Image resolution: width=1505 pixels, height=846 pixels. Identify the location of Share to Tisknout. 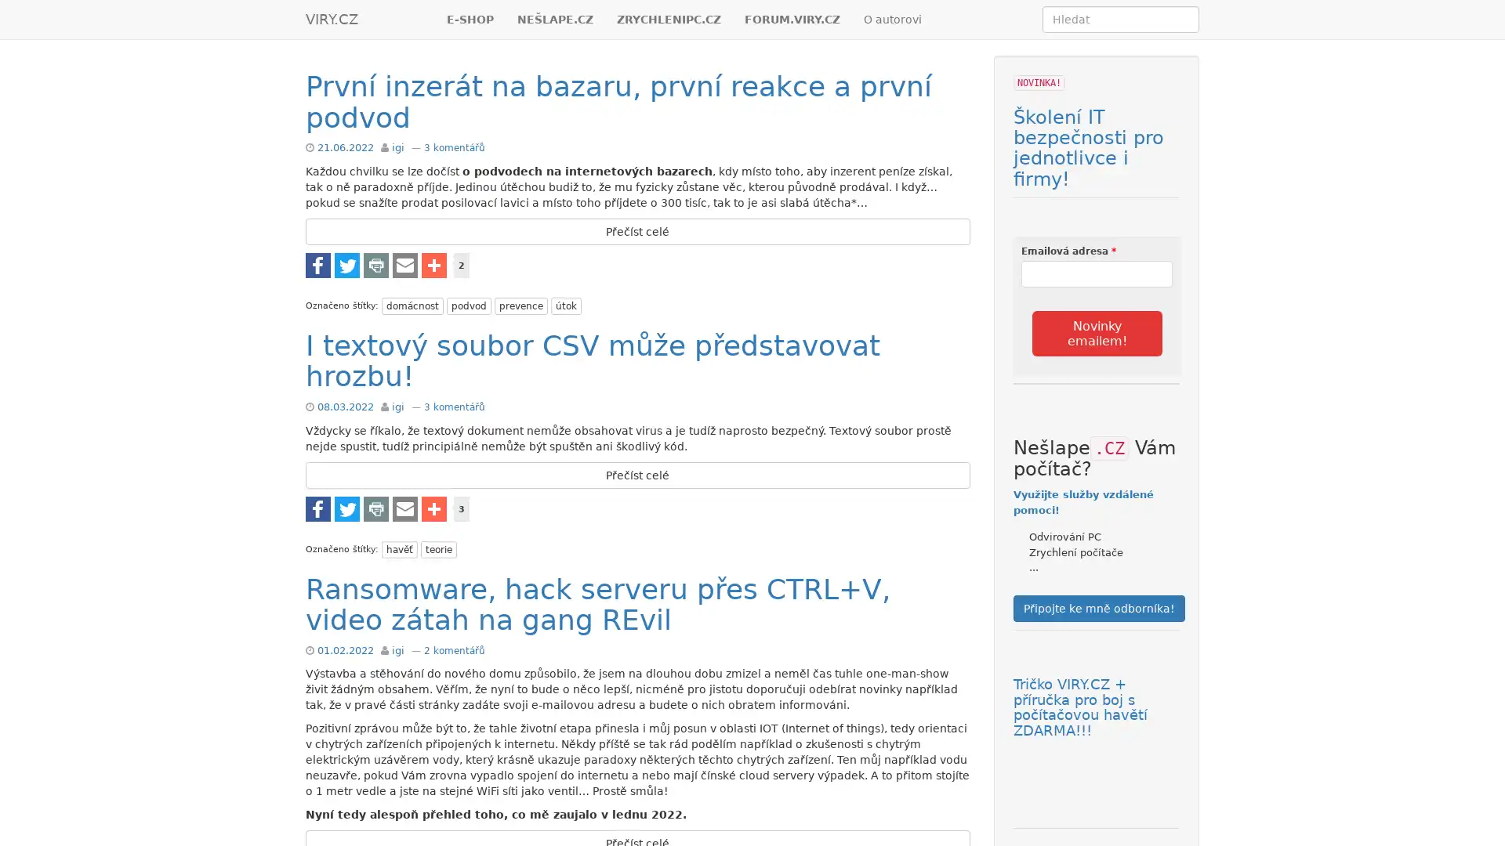
(376, 508).